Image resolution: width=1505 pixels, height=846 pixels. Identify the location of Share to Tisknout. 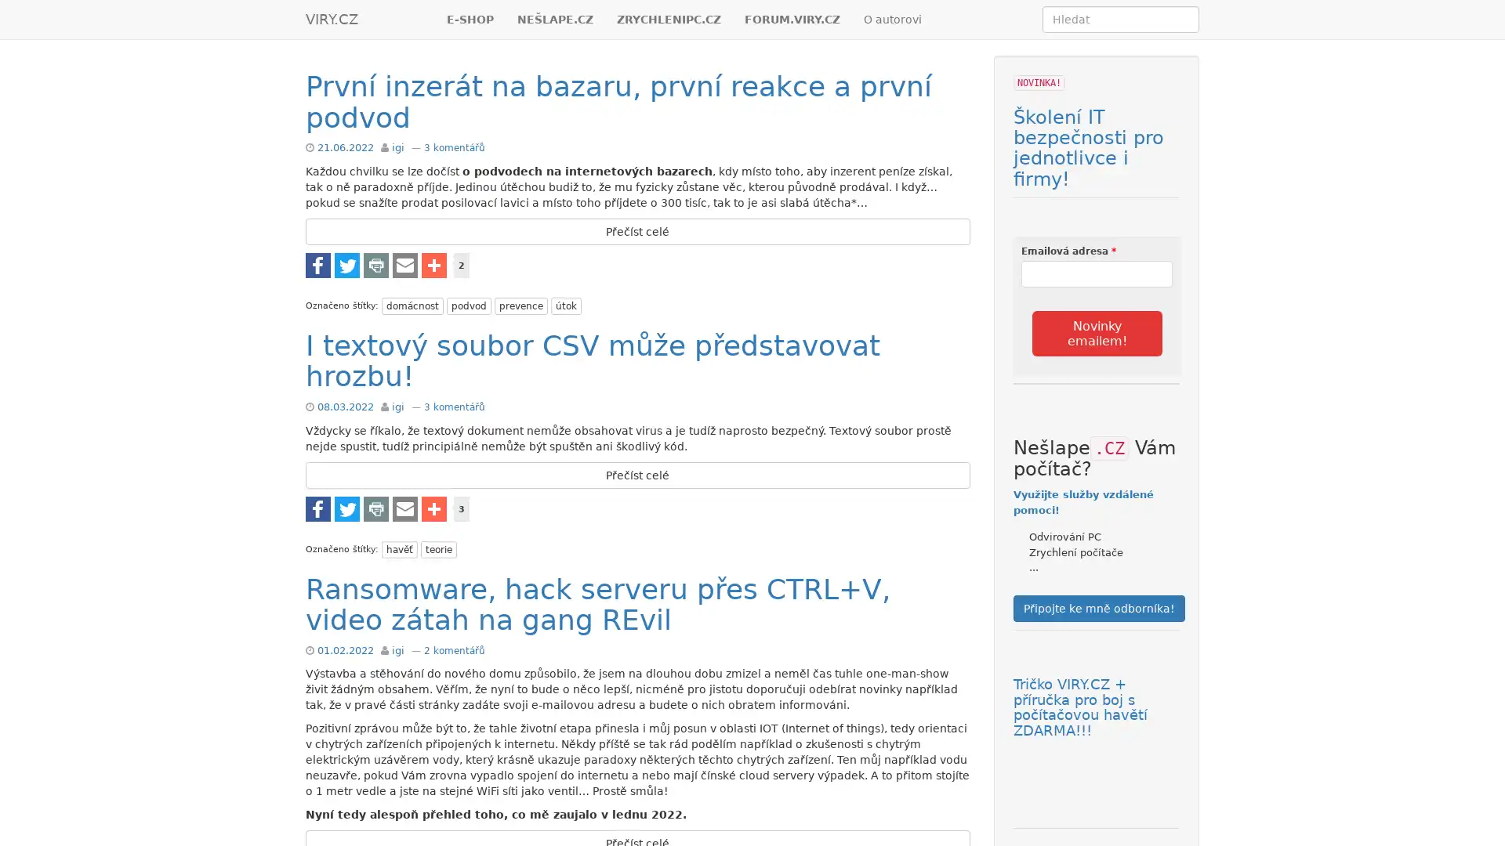
(376, 508).